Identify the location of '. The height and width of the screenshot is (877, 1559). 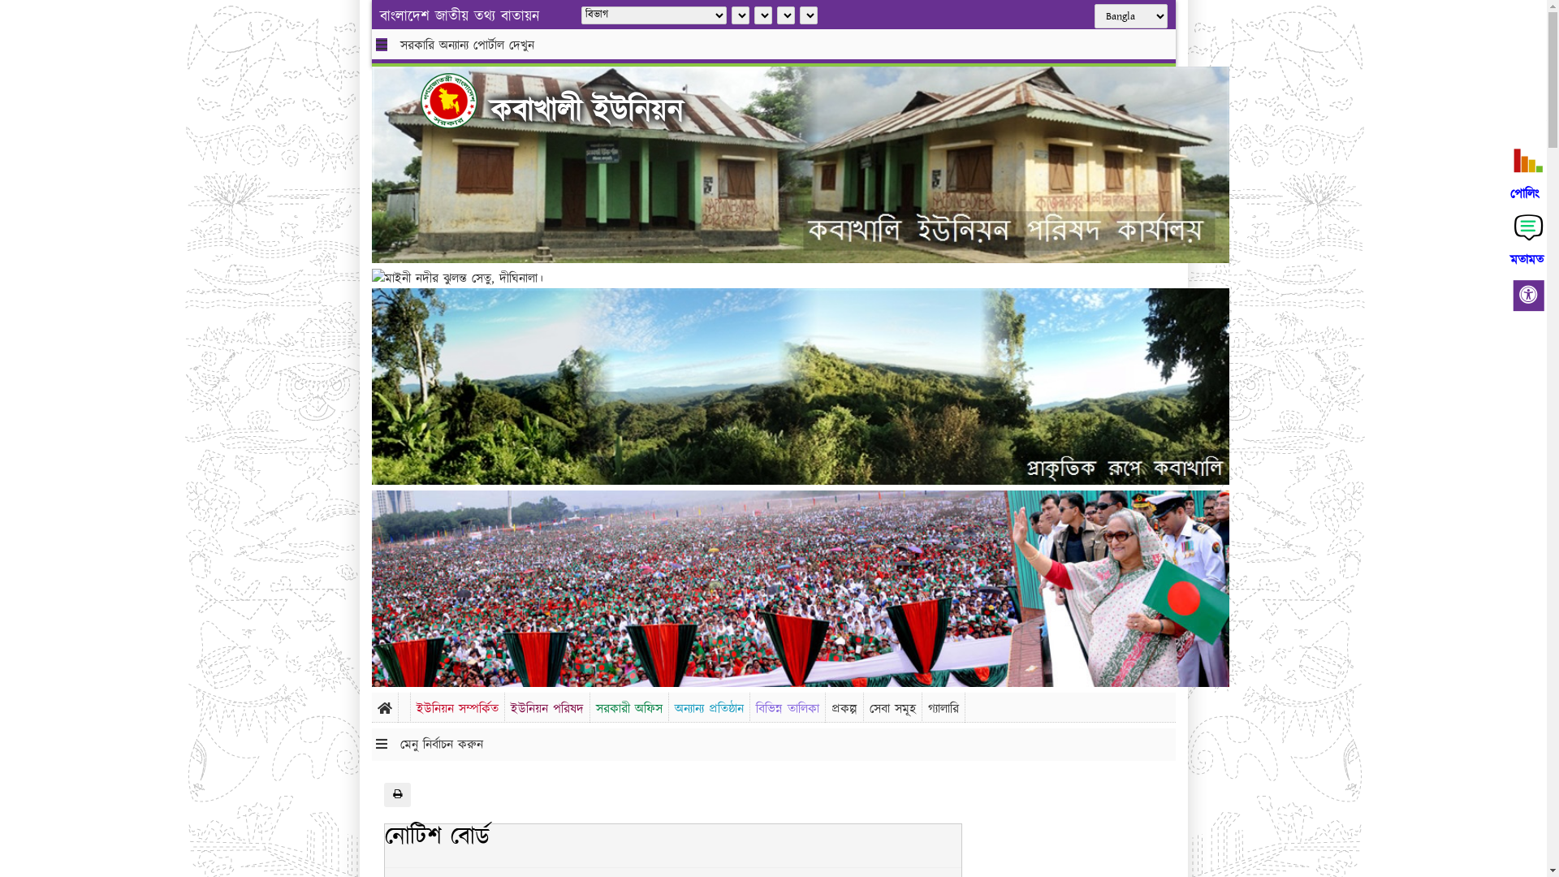
(460, 100).